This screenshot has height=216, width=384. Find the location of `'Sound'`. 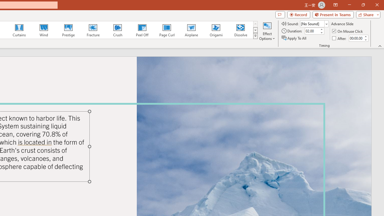

'Sound' is located at coordinates (314, 23).